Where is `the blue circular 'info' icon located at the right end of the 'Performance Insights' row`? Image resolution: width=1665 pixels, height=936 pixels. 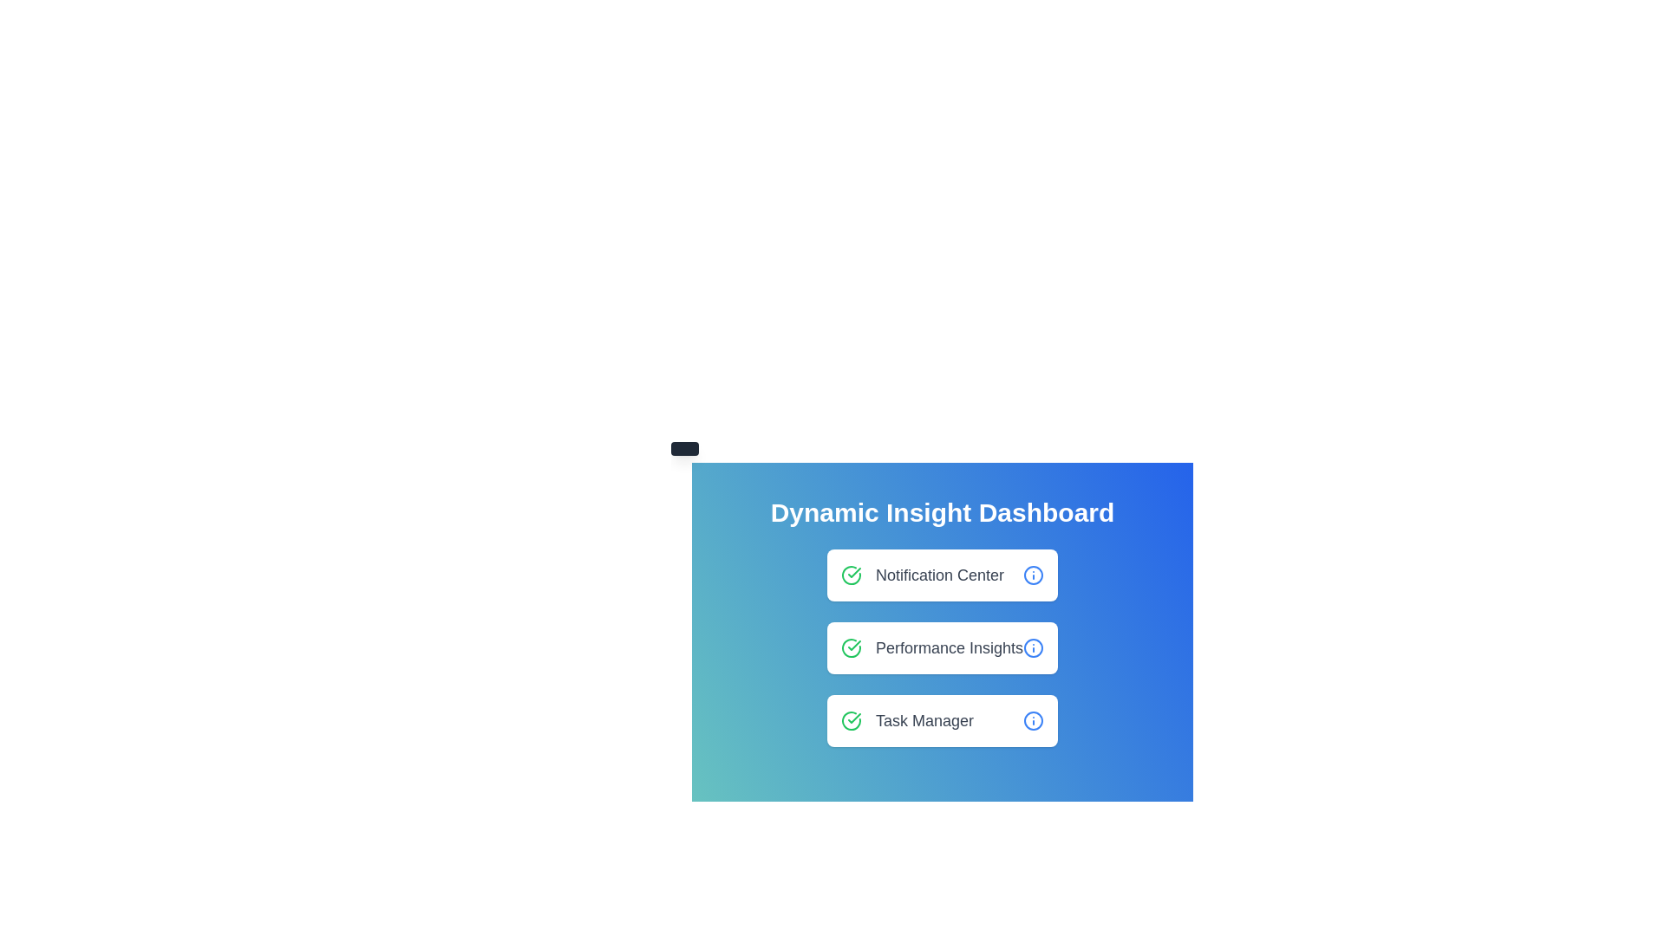
the blue circular 'info' icon located at the right end of the 'Performance Insights' row is located at coordinates (1033, 648).